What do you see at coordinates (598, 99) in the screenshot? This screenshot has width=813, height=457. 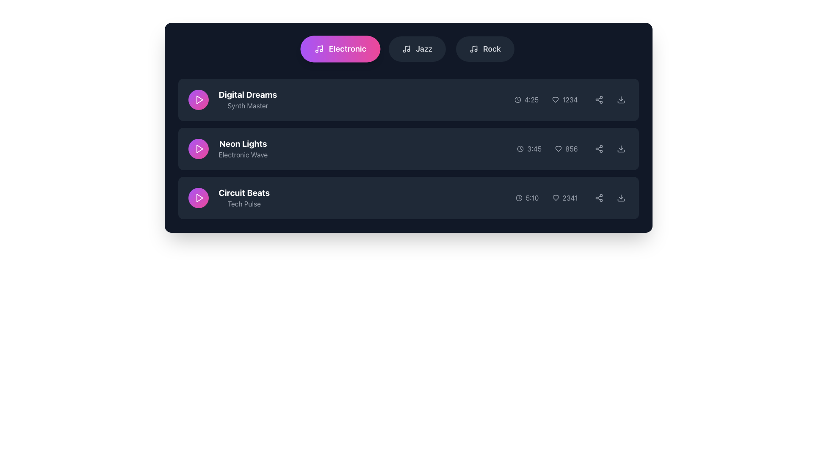 I see `the sharing button located in the rightmost section of the second row of the playlist table to observe the hover effect` at bounding box center [598, 99].